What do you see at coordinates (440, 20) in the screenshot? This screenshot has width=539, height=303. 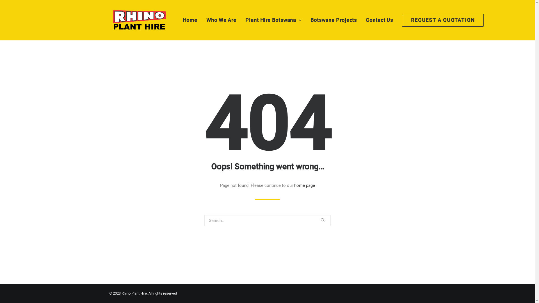 I see `'REQUEST A QUOTATION'` at bounding box center [440, 20].